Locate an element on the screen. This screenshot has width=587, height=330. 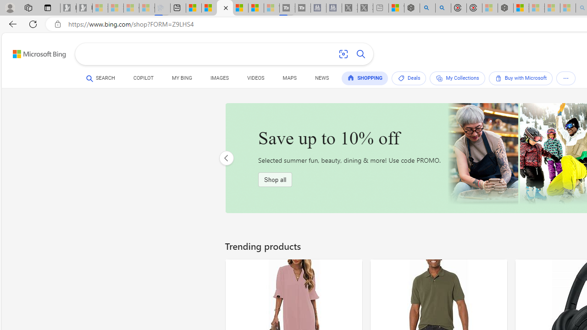
'IMAGES' is located at coordinates (219, 78).